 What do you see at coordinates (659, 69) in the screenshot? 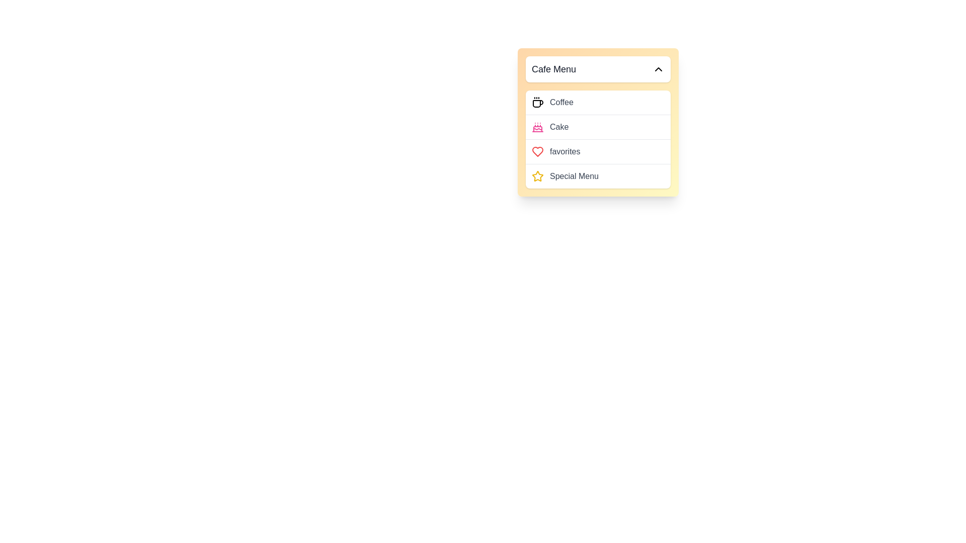
I see `the collapse button located at the top right of the 'Cafe Menu' section` at bounding box center [659, 69].